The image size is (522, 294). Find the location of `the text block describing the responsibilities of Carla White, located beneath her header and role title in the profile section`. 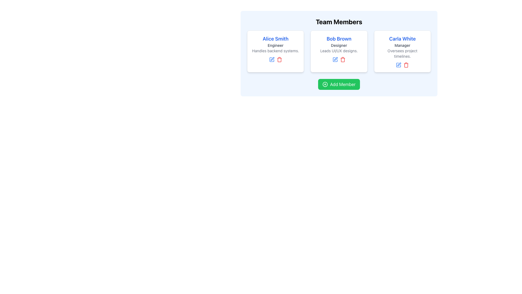

the text block describing the responsibilities of Carla White, located beneath her header and role title in the profile section is located at coordinates (402, 53).